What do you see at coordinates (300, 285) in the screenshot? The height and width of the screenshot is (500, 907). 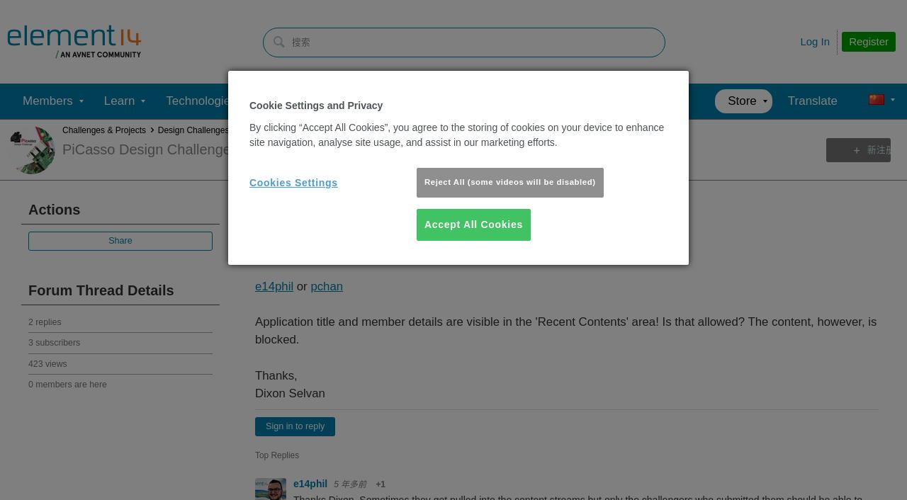 I see `'or'` at bounding box center [300, 285].